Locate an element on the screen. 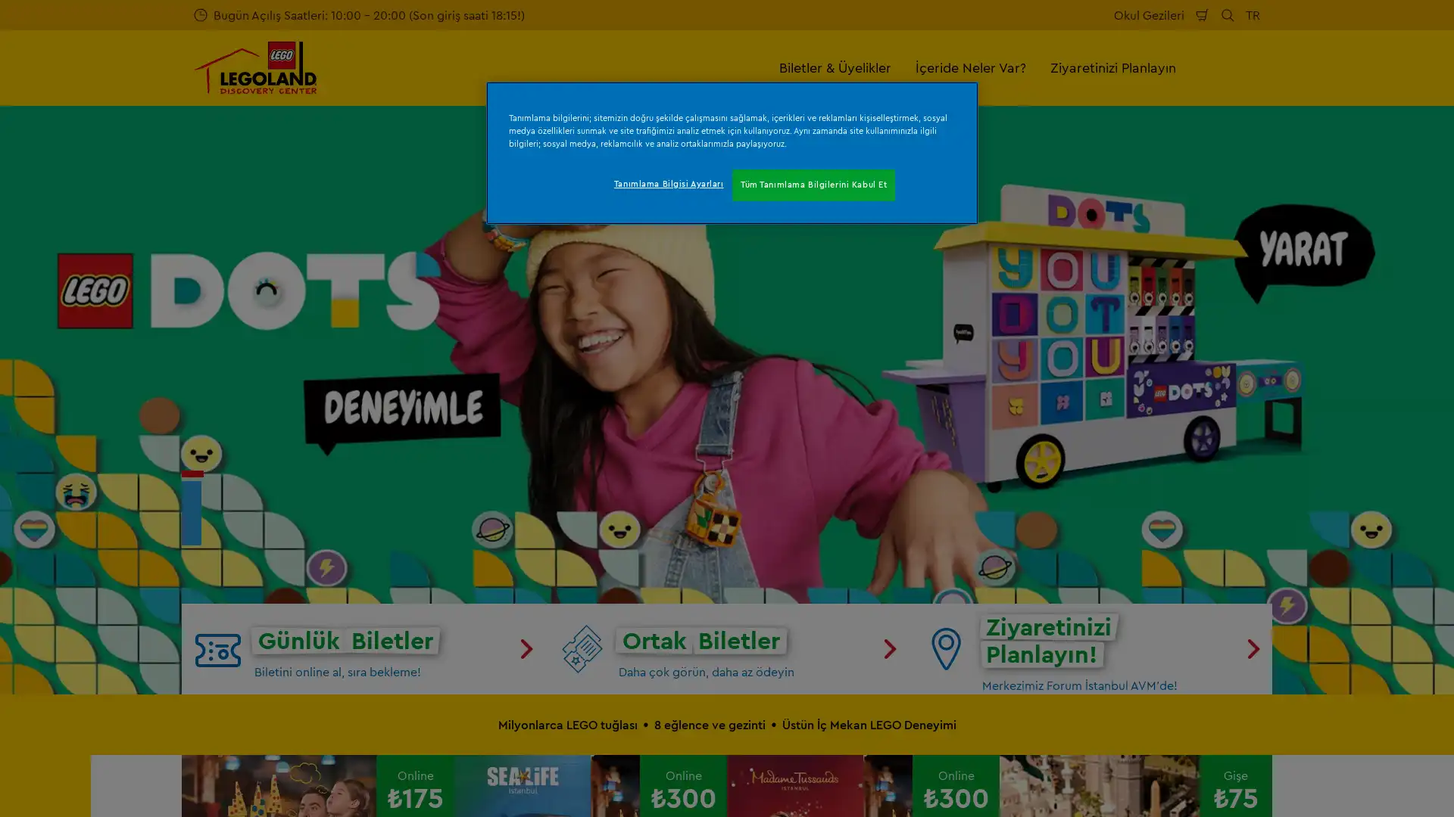 The width and height of the screenshot is (1454, 817). TR Diller is located at coordinates (1253, 14).